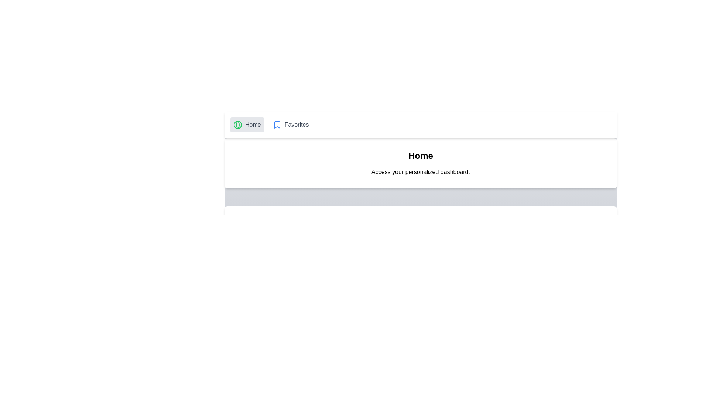 This screenshot has height=399, width=709. I want to click on the 'Home' hyperlink text styled in medium-weight gray font, which is located in the top navigation bar, so click(253, 125).